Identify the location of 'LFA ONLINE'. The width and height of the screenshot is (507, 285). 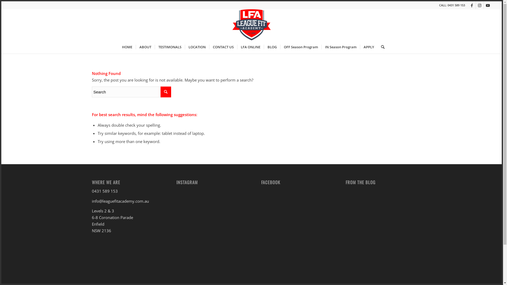
(250, 46).